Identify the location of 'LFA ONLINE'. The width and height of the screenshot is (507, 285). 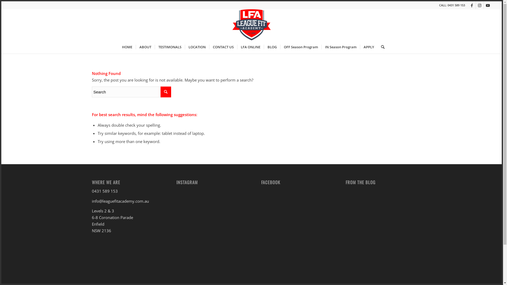
(250, 46).